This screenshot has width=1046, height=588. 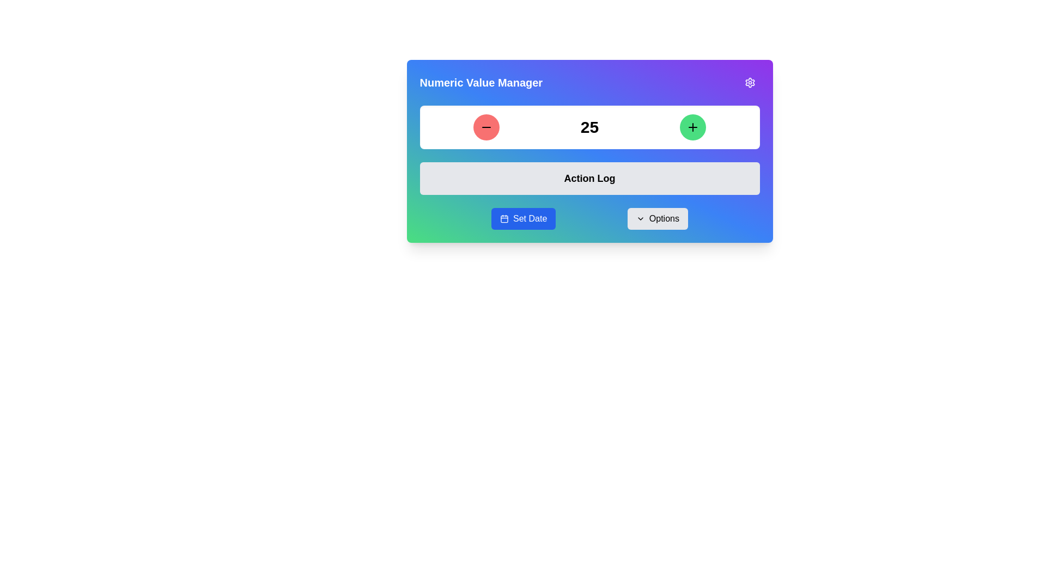 What do you see at coordinates (589, 127) in the screenshot?
I see `the Text Display element that visually represents a numeric value in the interface, which is part of a numeric value manager and is flanked by minus and plus icon buttons` at bounding box center [589, 127].